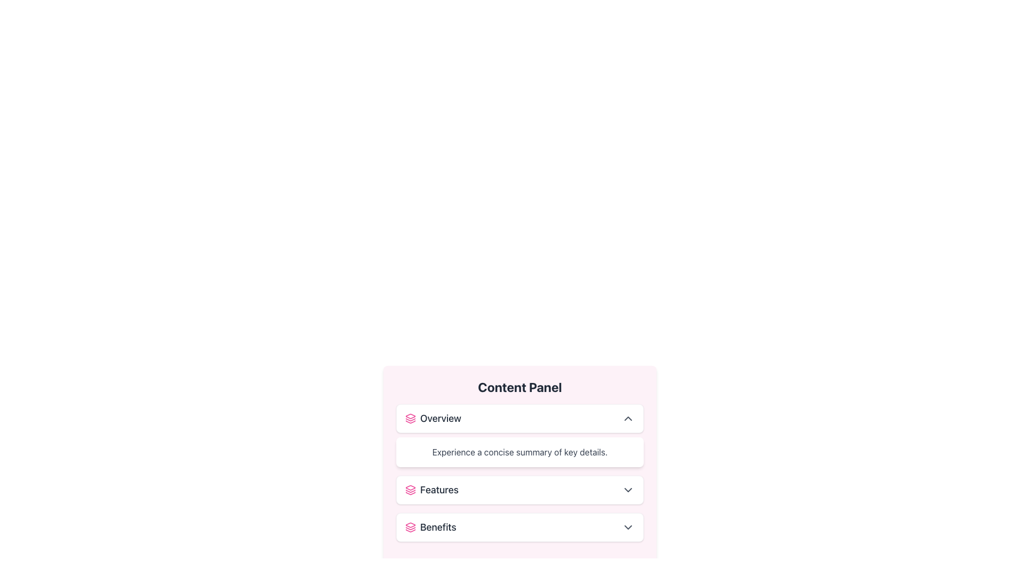 This screenshot has width=1024, height=576. What do you see at coordinates (628, 526) in the screenshot?
I see `the downward-pointing gray chevron icon located at the far right of the 'Benefits' section` at bounding box center [628, 526].